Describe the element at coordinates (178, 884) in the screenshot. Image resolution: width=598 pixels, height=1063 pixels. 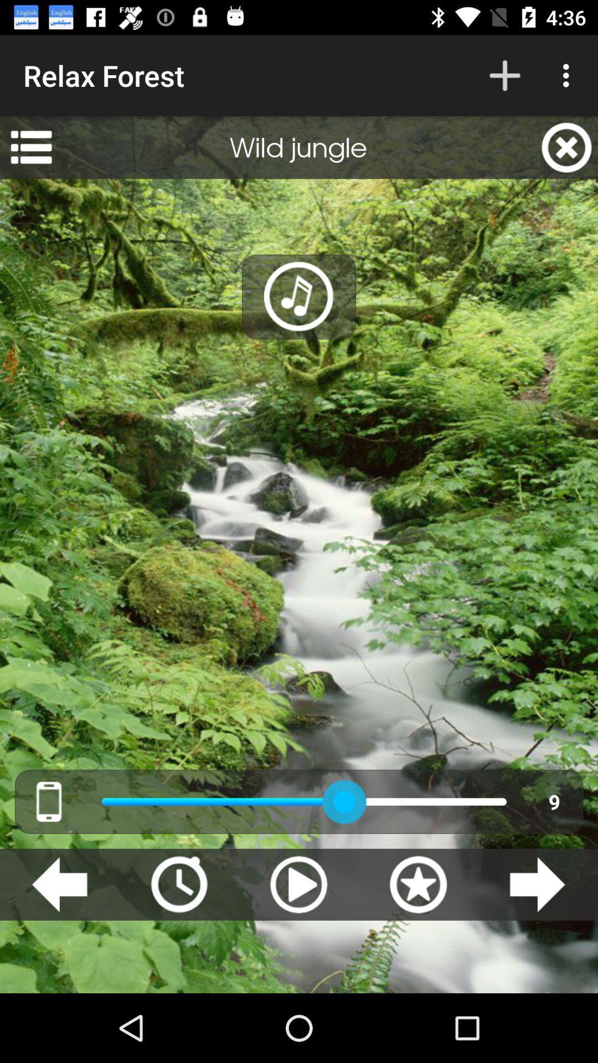
I see `the time icon` at that location.